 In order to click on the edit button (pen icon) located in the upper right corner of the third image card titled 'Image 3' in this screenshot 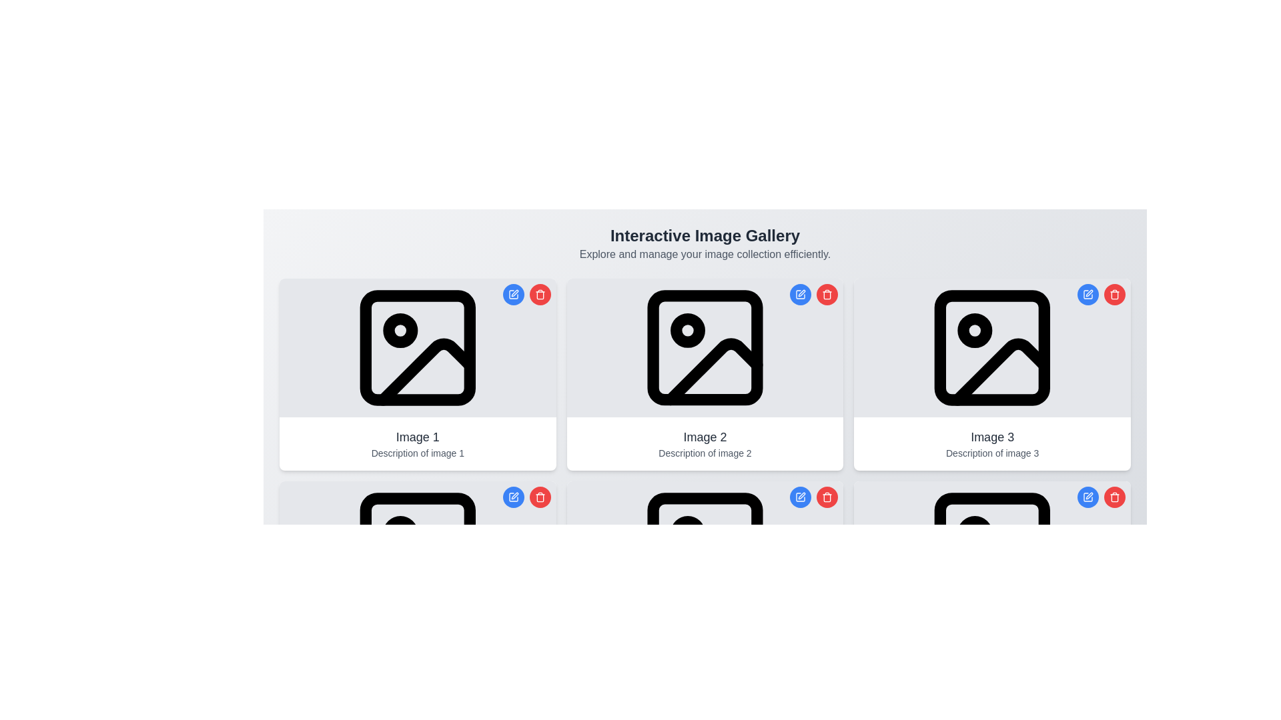, I will do `click(1088, 294)`.